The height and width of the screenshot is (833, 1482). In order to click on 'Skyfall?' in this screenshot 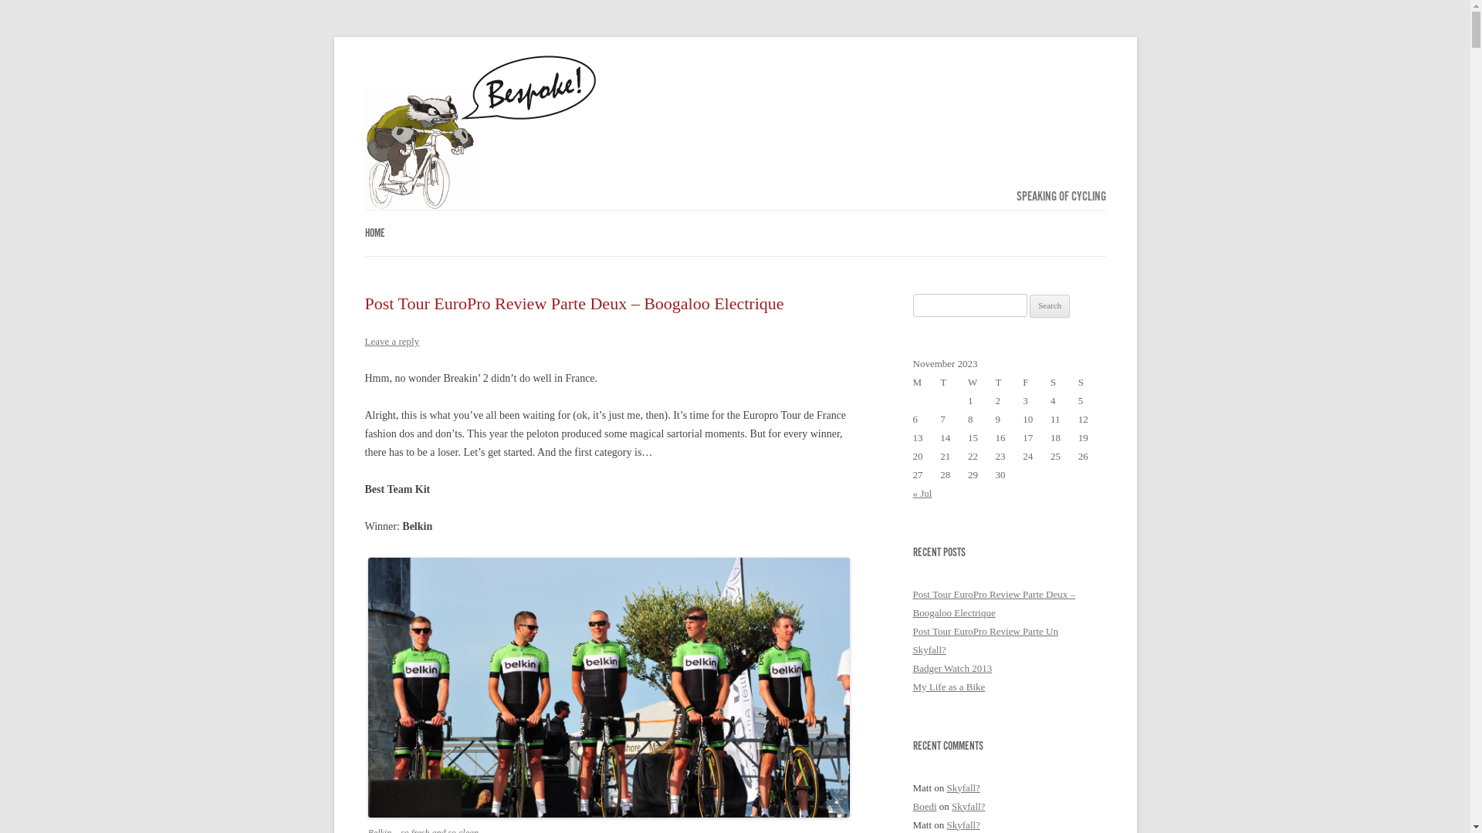, I will do `click(963, 787)`.